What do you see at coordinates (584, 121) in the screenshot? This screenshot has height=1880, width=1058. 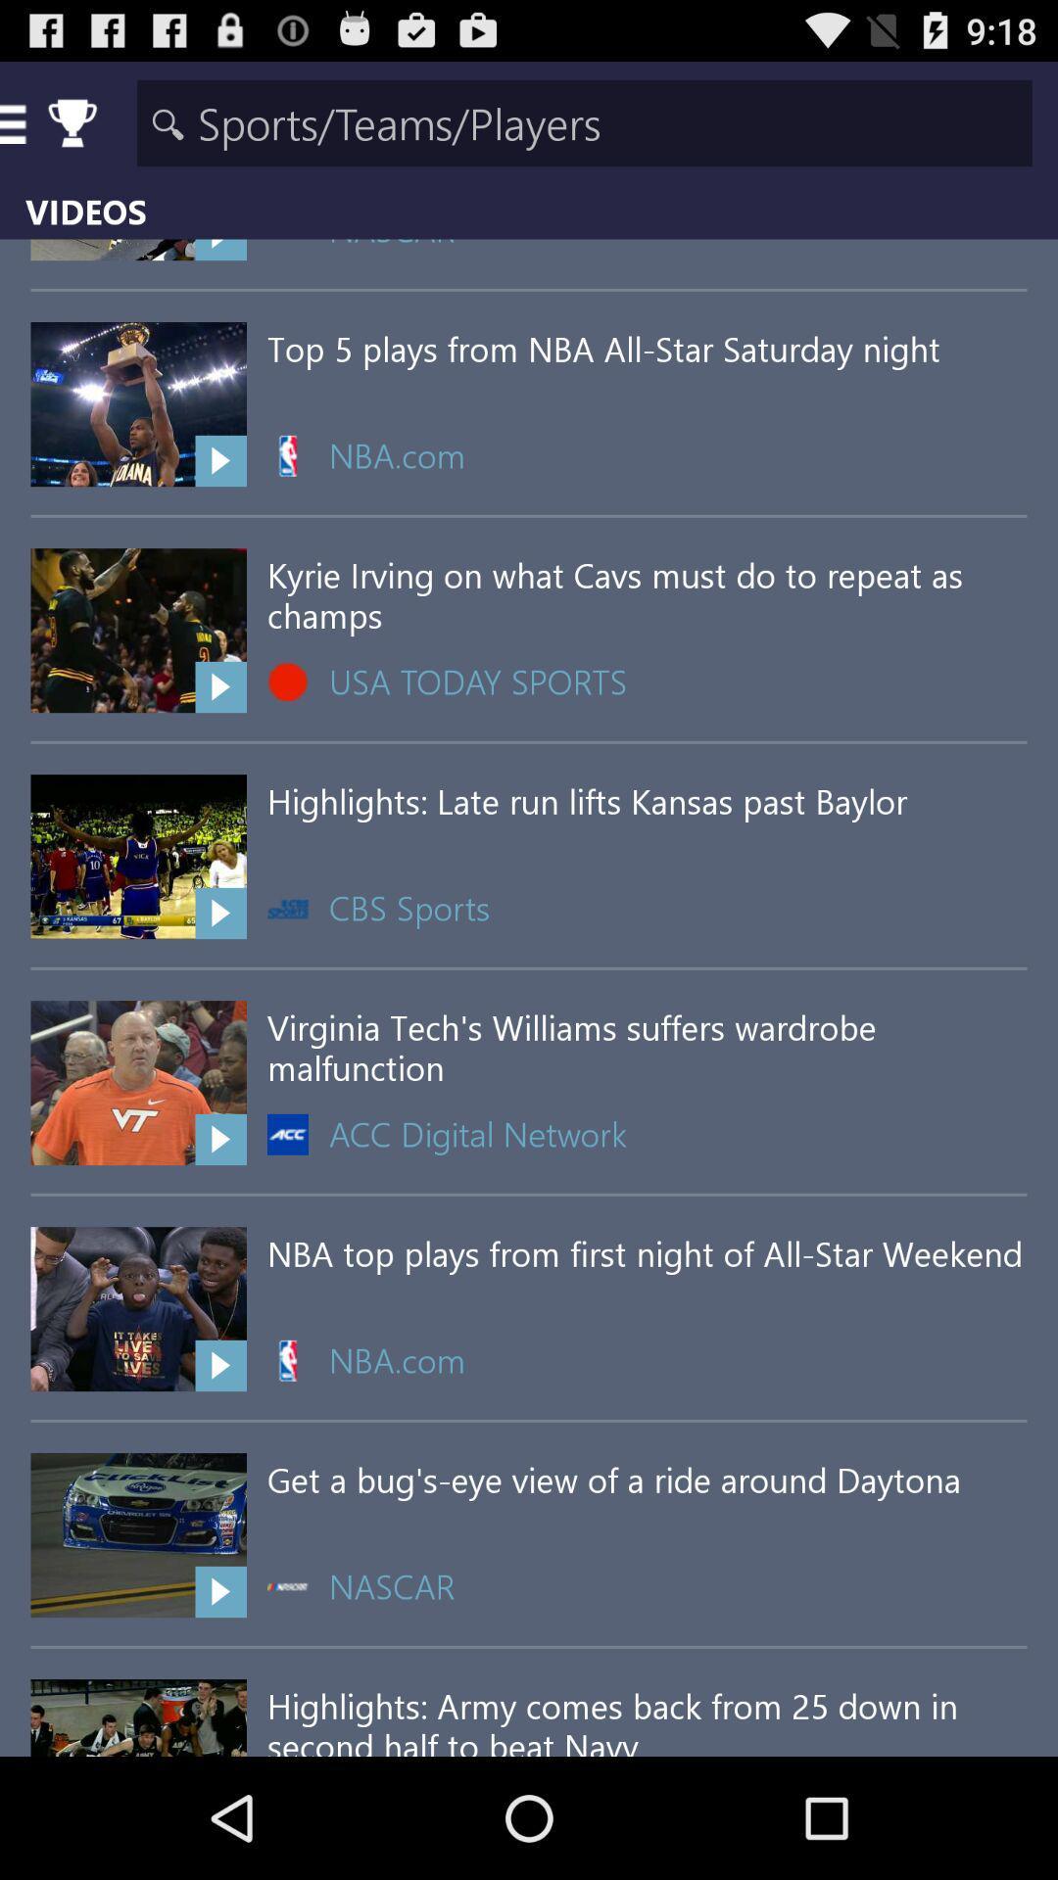 I see `search bar` at bounding box center [584, 121].